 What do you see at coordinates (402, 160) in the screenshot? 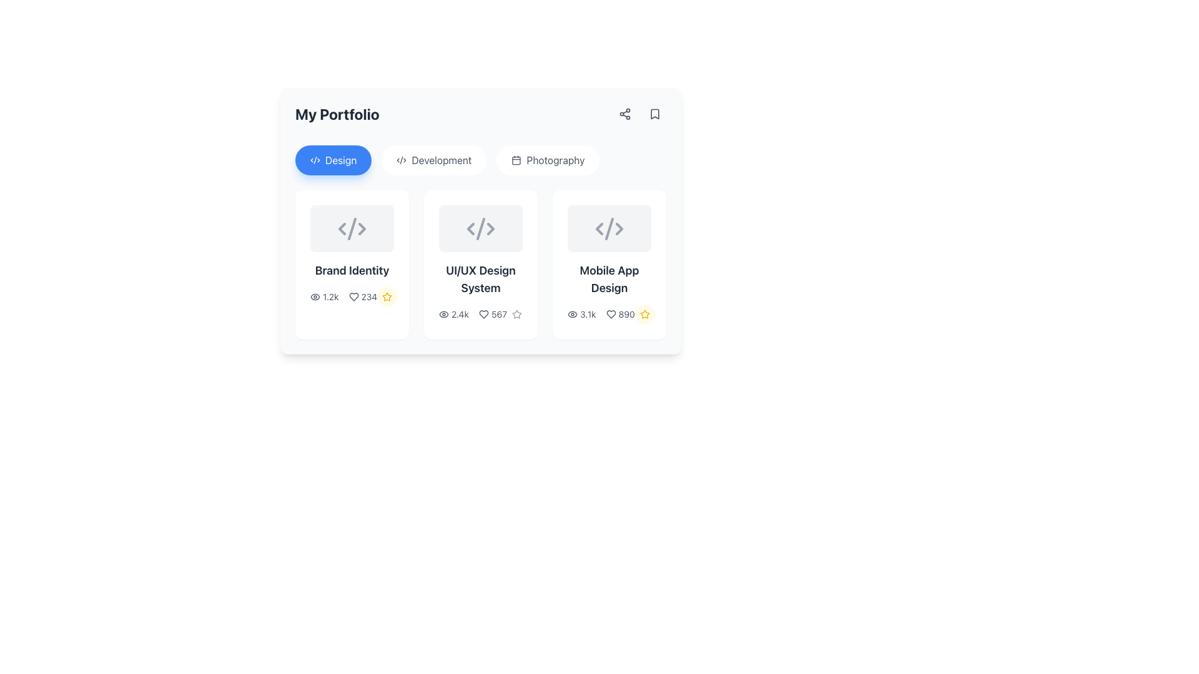
I see `the XML code icon, which is a 24x24 pixel minimalistic line art design located to the left of the text 'Development' in the navigation bar` at bounding box center [402, 160].